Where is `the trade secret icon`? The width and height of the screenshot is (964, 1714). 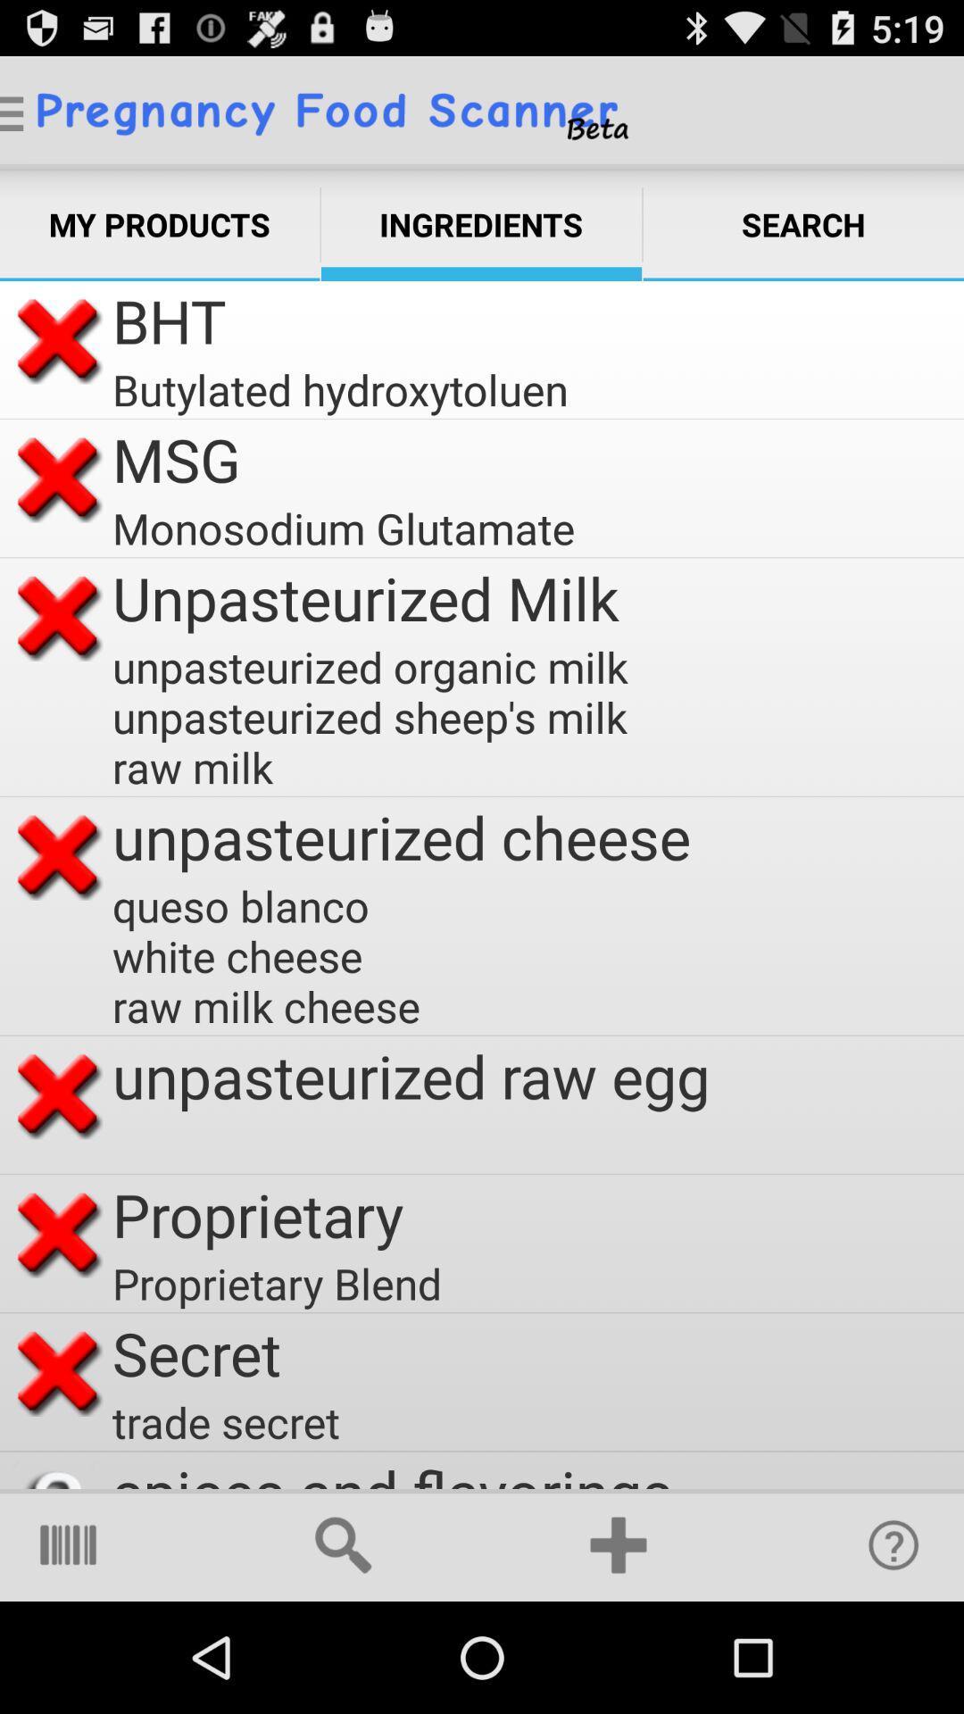
the trade secret icon is located at coordinates (225, 1421).